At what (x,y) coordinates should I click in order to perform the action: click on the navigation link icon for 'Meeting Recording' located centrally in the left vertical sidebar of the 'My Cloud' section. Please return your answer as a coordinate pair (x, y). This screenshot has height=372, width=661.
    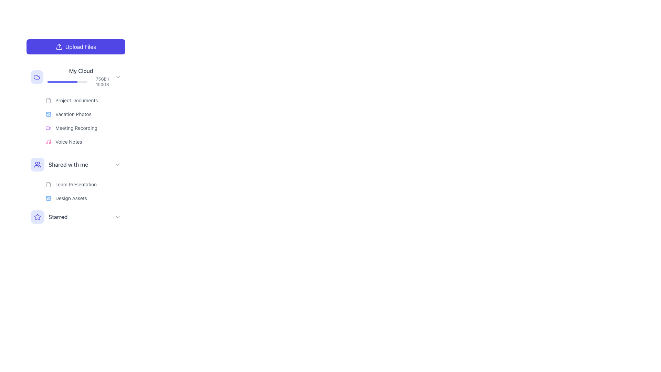
    Looking at the image, I should click on (71, 128).